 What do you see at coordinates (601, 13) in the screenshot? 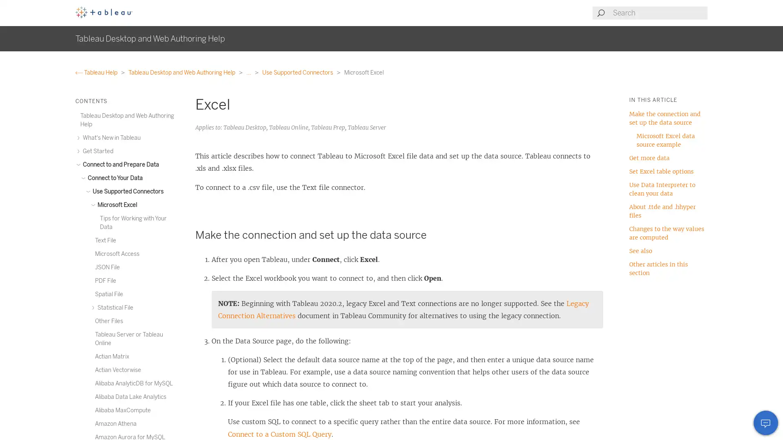
I see `Open search` at bounding box center [601, 13].